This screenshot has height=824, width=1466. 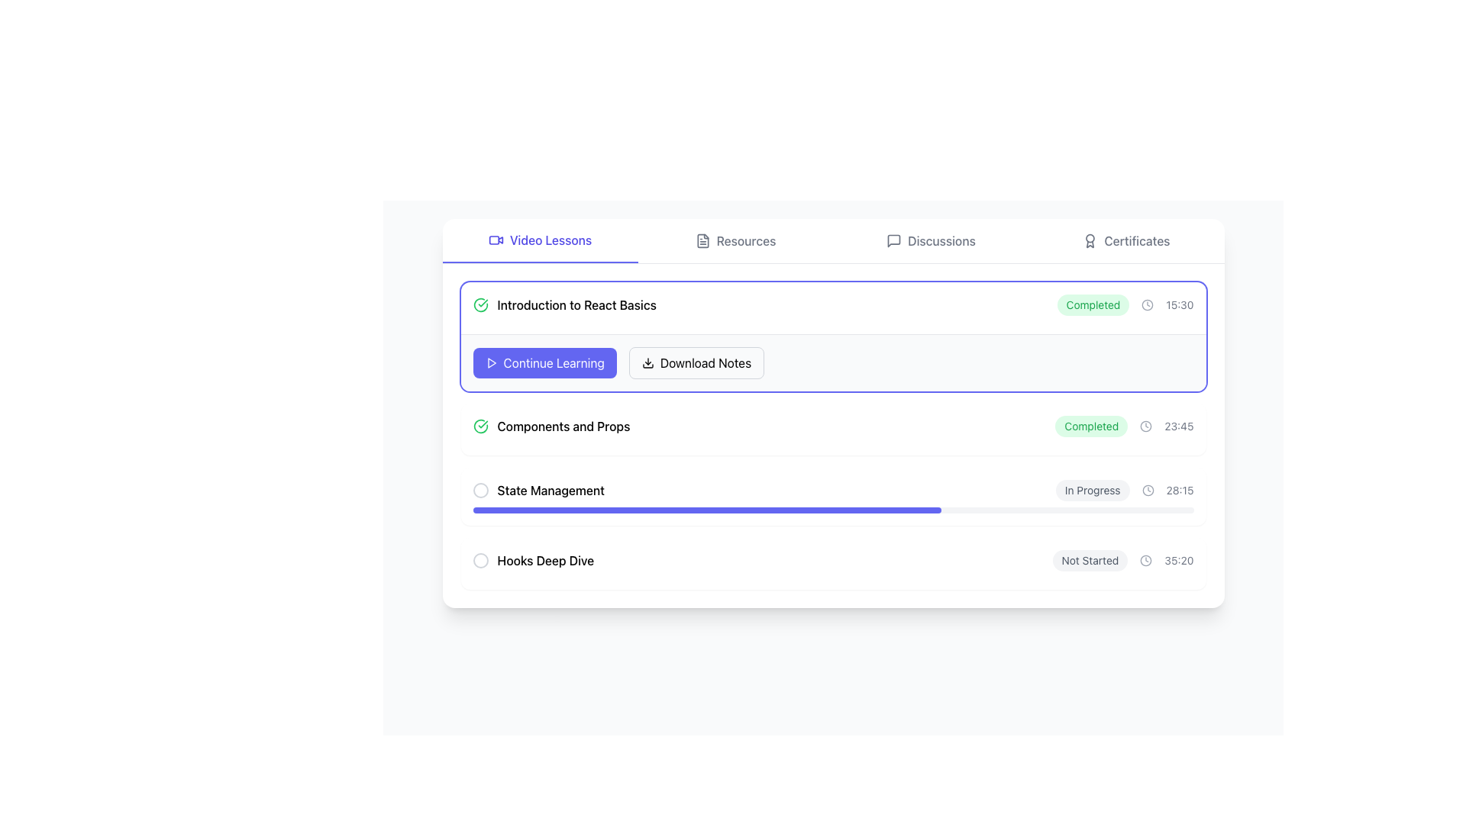 I want to click on the 'Certificates' icon located to the left of the text 'Certificates' in the top-right corner of the interface, so click(x=1090, y=240).